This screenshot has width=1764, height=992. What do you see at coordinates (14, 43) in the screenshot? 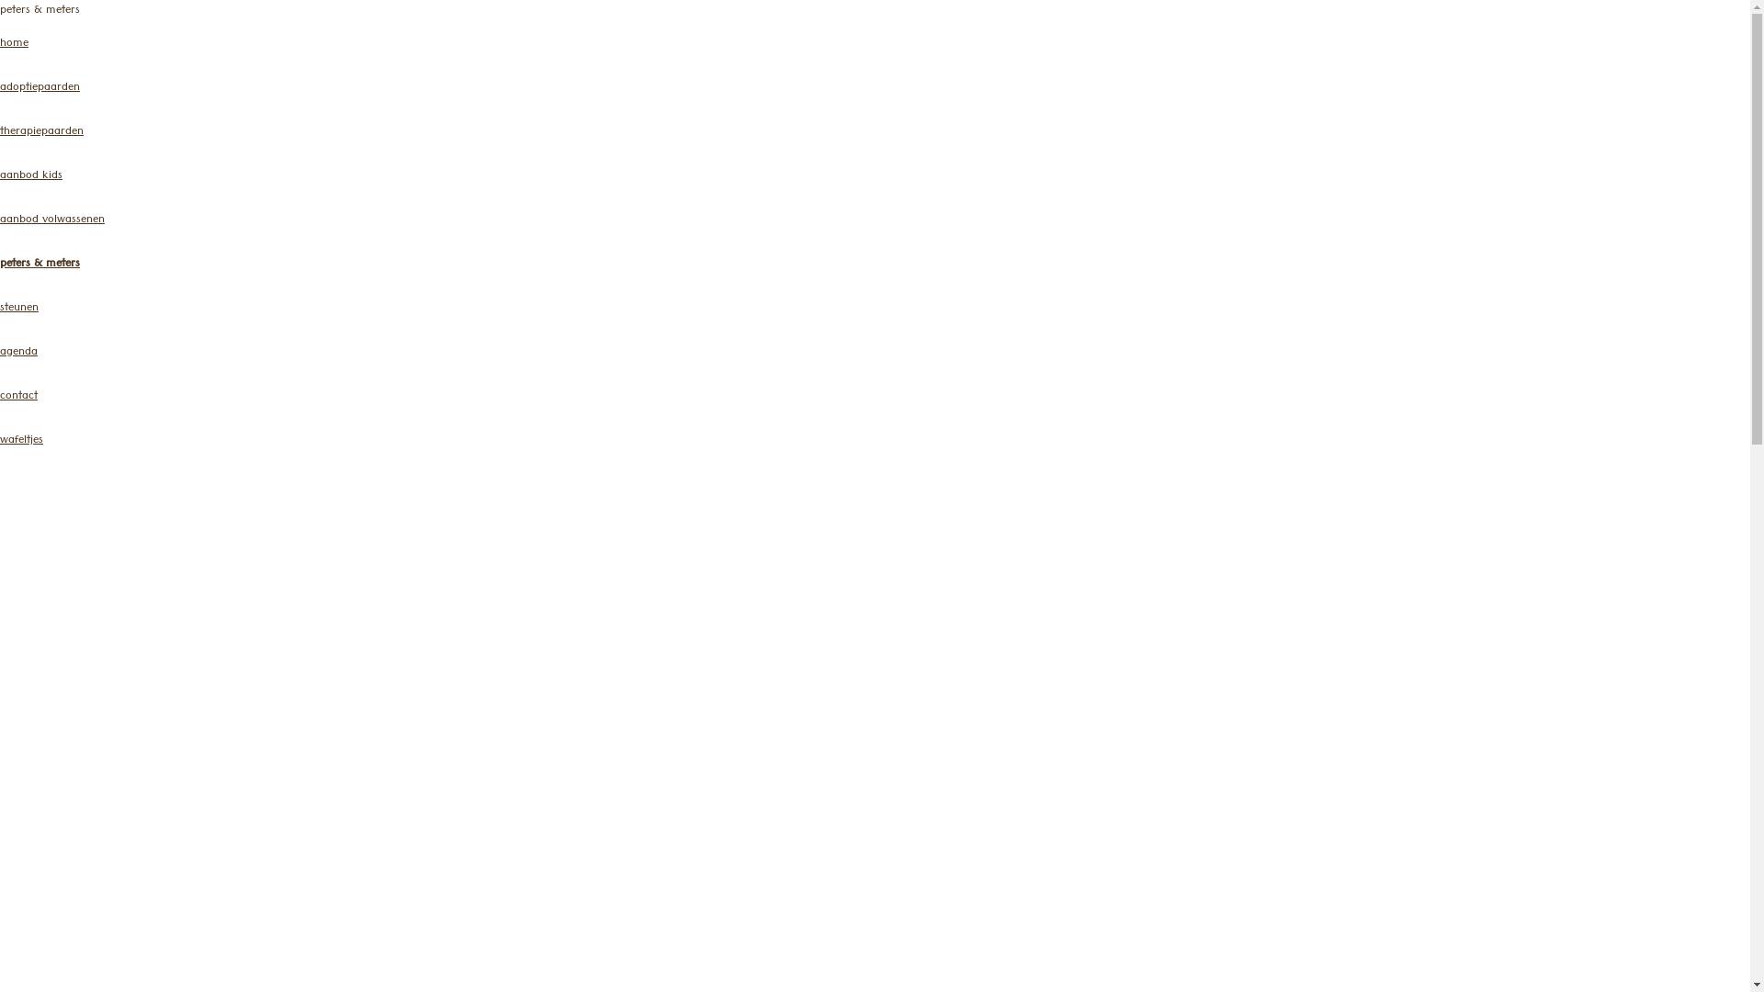
I see `'home'` at bounding box center [14, 43].